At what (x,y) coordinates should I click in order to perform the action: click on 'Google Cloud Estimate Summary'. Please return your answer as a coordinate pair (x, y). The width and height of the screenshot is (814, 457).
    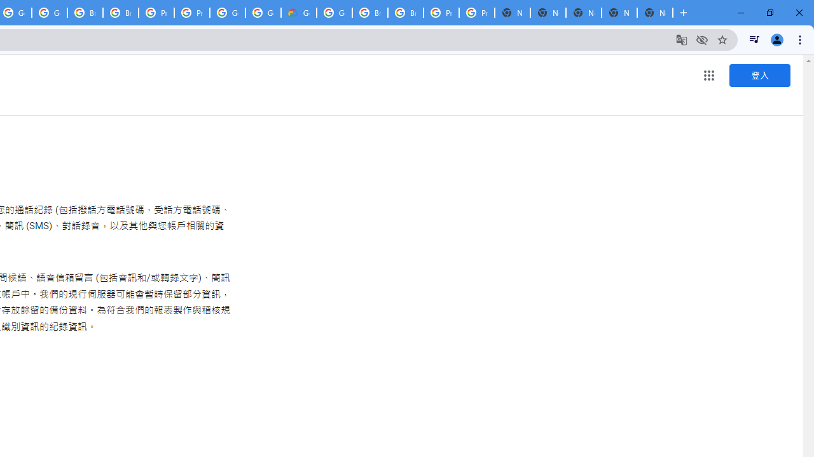
    Looking at the image, I should click on (298, 13).